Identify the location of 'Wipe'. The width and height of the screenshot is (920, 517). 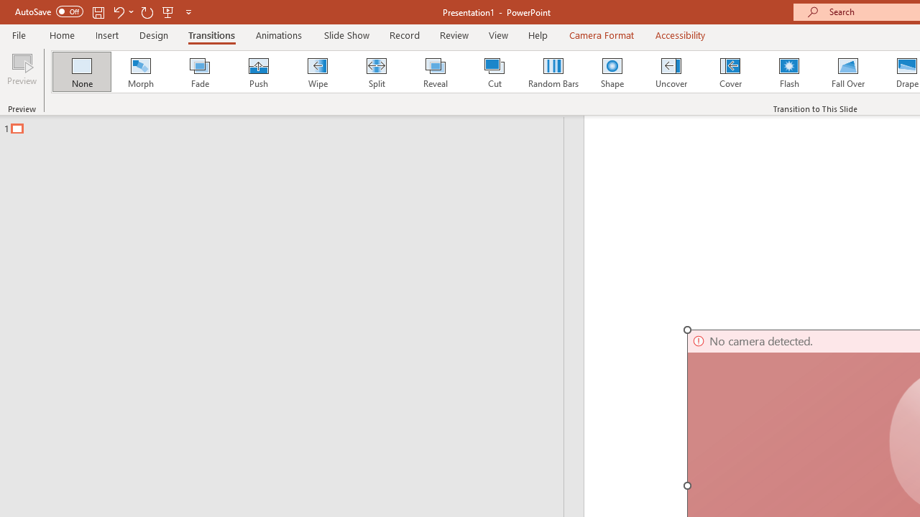
(316, 72).